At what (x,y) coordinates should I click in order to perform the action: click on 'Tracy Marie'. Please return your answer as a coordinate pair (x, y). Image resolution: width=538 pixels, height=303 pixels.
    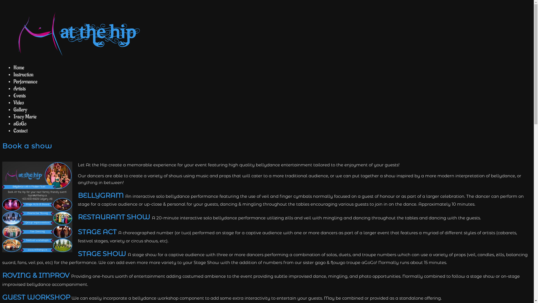
    Looking at the image, I should click on (25, 116).